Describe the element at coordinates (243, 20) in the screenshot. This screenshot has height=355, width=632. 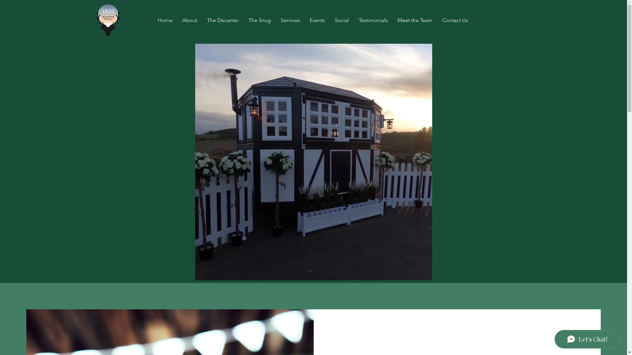
I see `'The Snug'` at that location.